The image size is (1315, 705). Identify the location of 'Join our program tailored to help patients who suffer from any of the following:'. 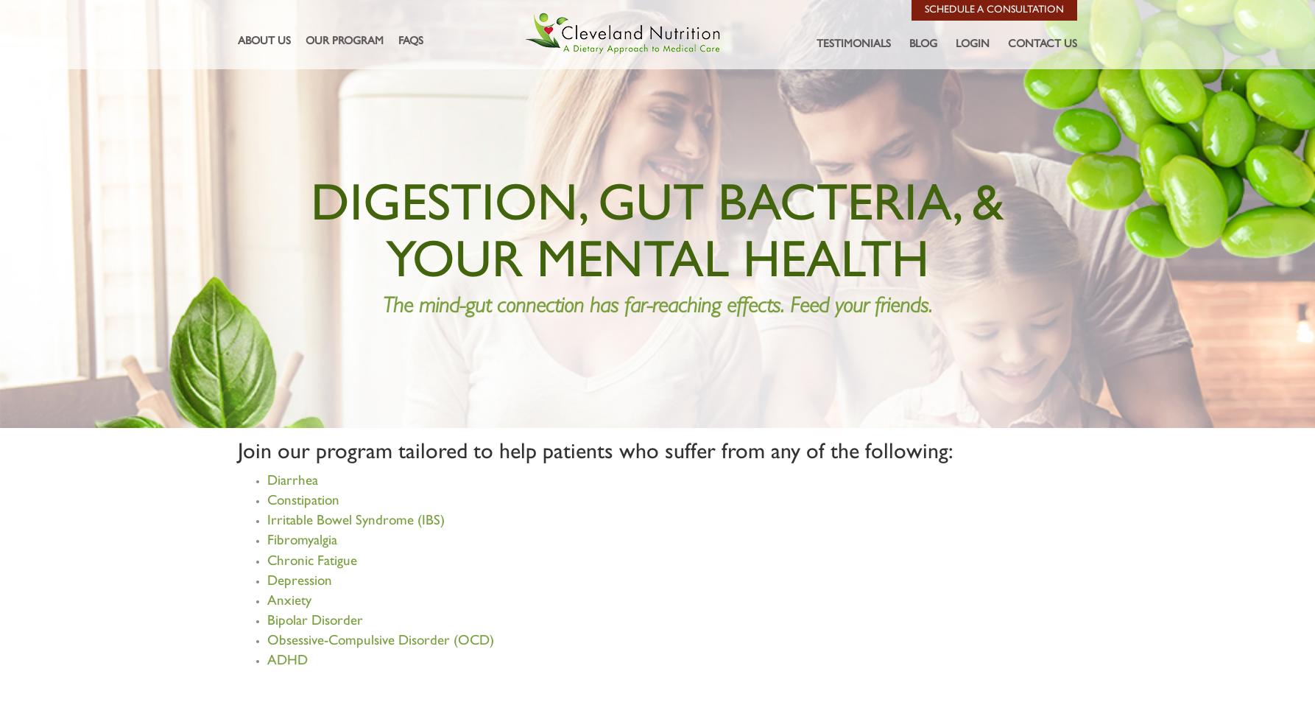
(595, 452).